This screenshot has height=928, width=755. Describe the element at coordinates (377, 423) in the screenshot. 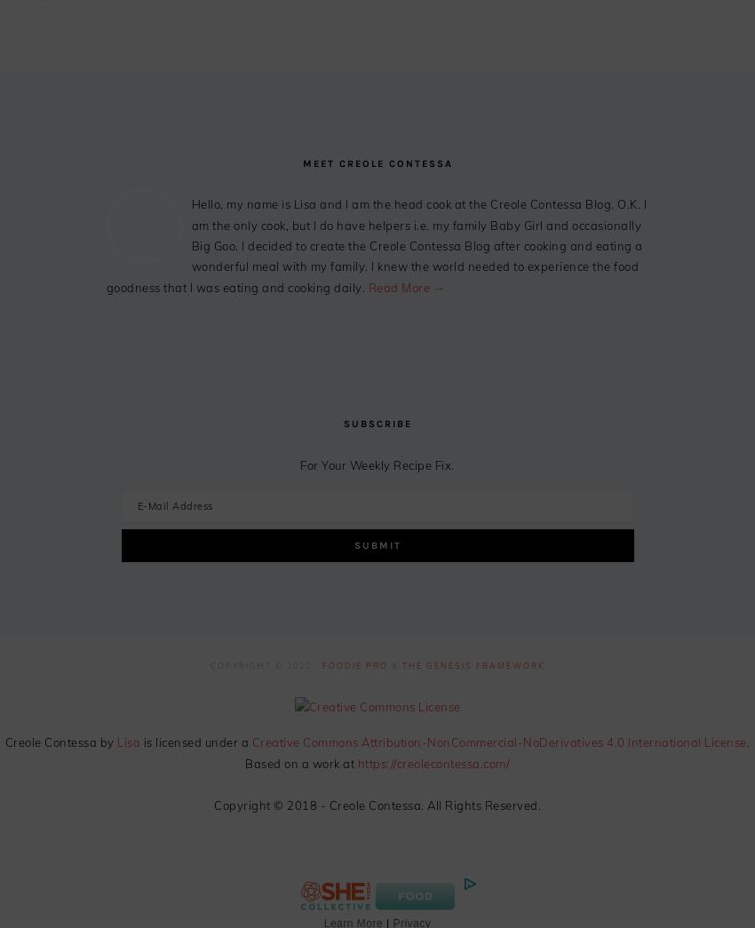

I see `'Subscribe'` at that location.